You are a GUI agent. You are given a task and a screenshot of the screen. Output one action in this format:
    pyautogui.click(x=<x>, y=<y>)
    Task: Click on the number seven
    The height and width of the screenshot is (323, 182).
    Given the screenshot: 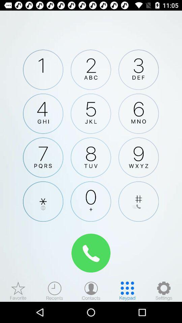 What is the action you would take?
    pyautogui.click(x=43, y=157)
    